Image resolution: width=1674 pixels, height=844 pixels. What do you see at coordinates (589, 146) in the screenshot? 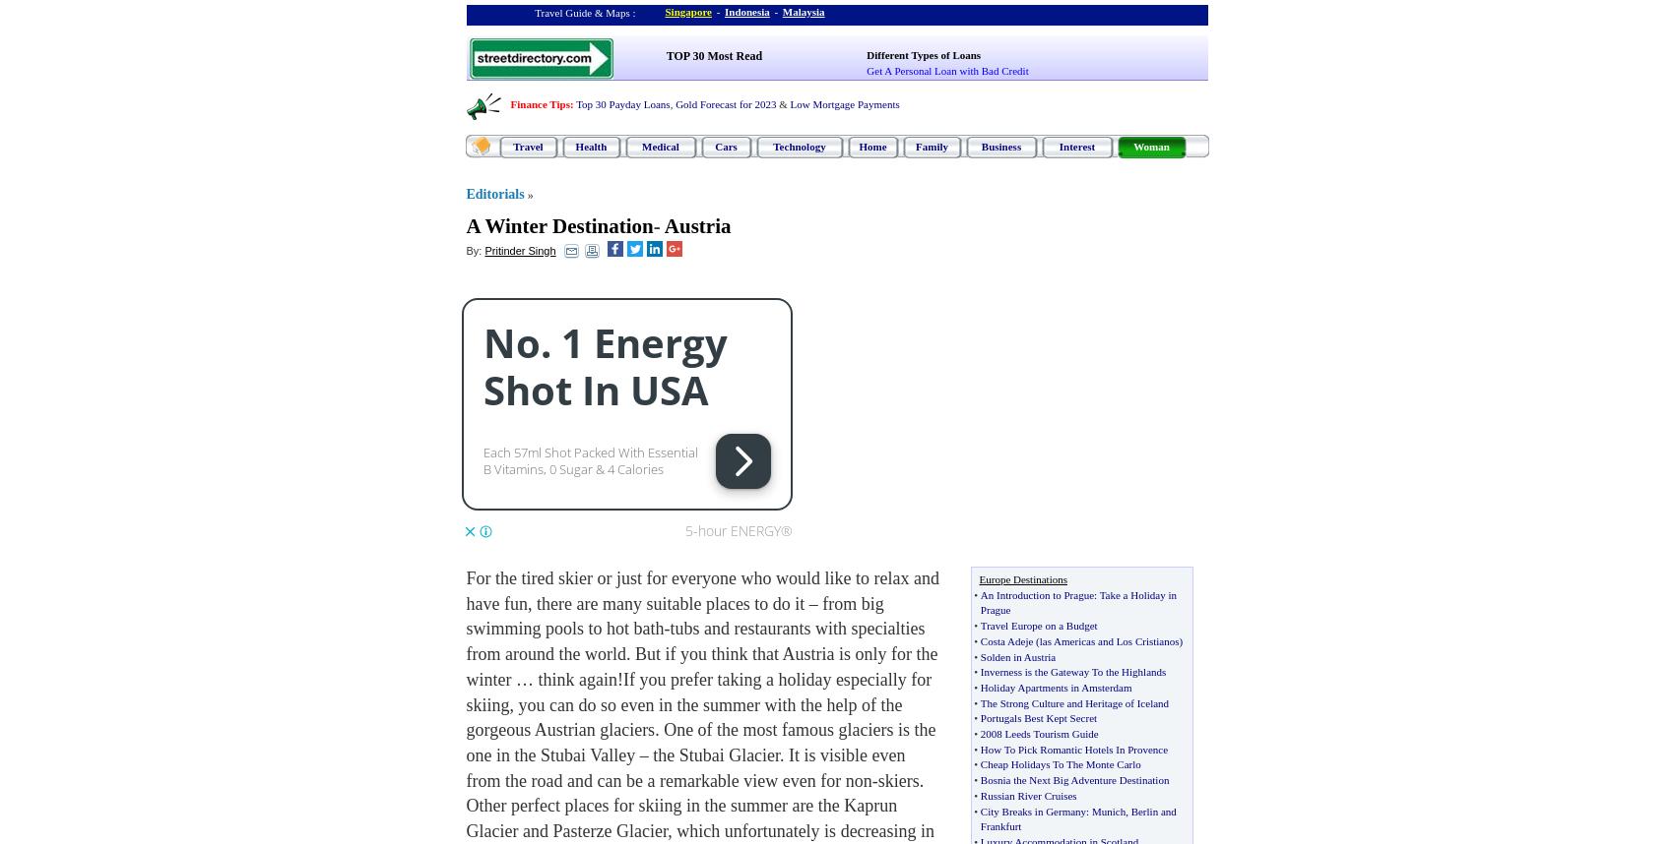
I see `'Health'` at bounding box center [589, 146].